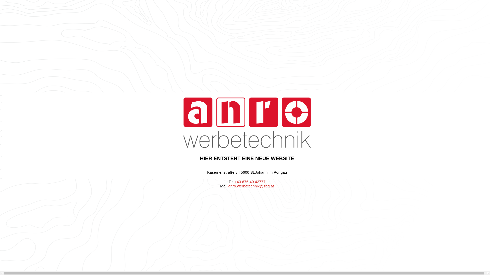  Describe the element at coordinates (250, 181) in the screenshot. I see `'+43 676 40 42777'` at that location.